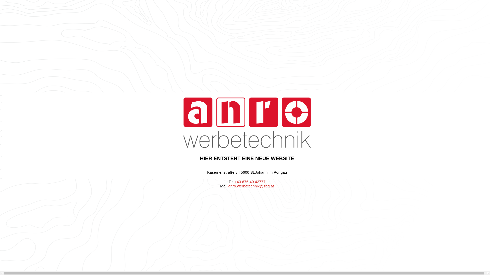  Describe the element at coordinates (250, 181) in the screenshot. I see `'+43 676 40 42777'` at that location.